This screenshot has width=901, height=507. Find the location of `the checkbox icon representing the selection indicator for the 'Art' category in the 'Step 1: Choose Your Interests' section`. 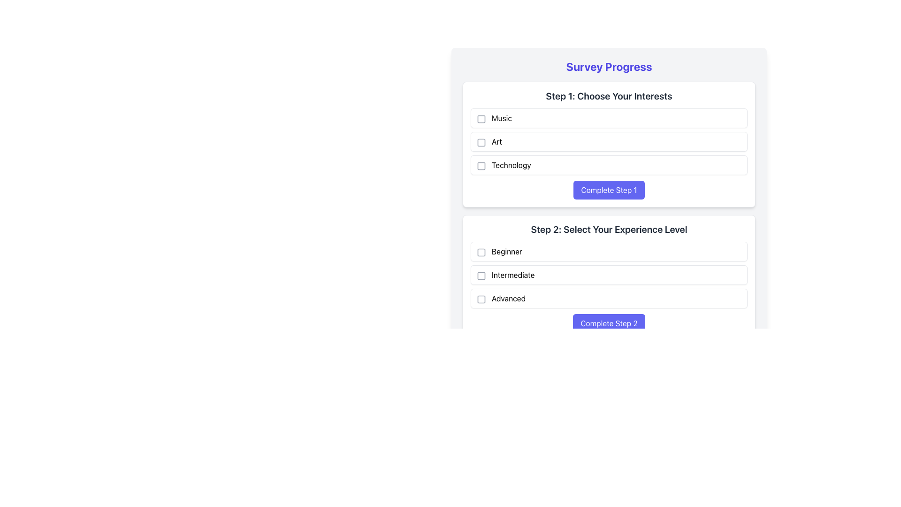

the checkbox icon representing the selection indicator for the 'Art' category in the 'Step 1: Choose Your Interests' section is located at coordinates (481, 142).